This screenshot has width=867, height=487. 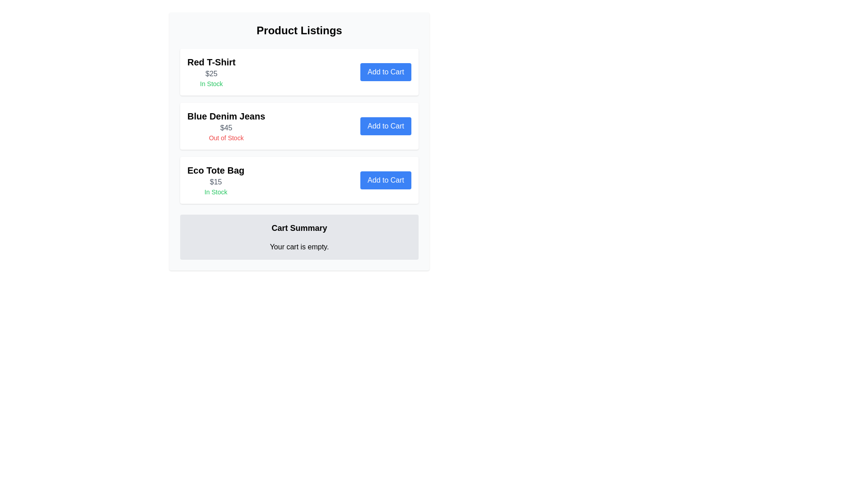 I want to click on text label displaying 'In Stock' in light green font, which is located below the price label of the product 'Eco Tote Bag' in the third product card of the vertical product list, so click(x=215, y=191).